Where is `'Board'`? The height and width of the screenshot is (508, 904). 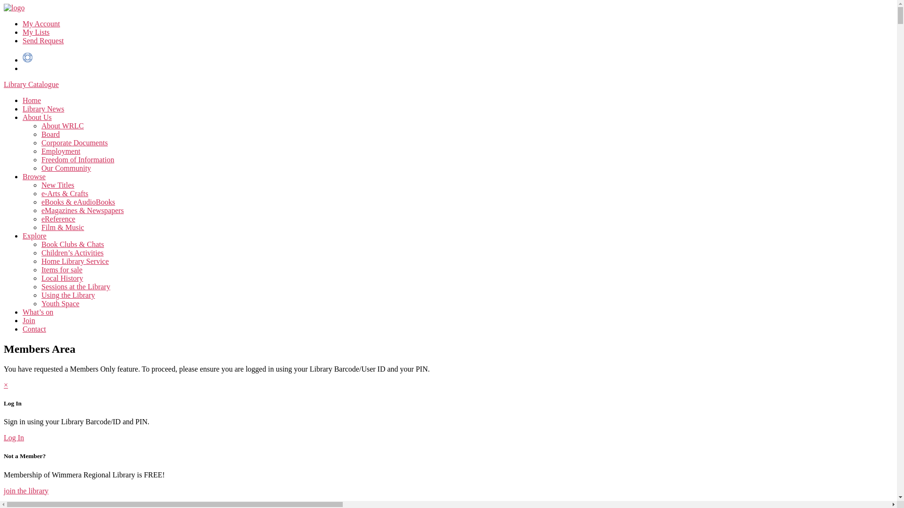
'Board' is located at coordinates (50, 134).